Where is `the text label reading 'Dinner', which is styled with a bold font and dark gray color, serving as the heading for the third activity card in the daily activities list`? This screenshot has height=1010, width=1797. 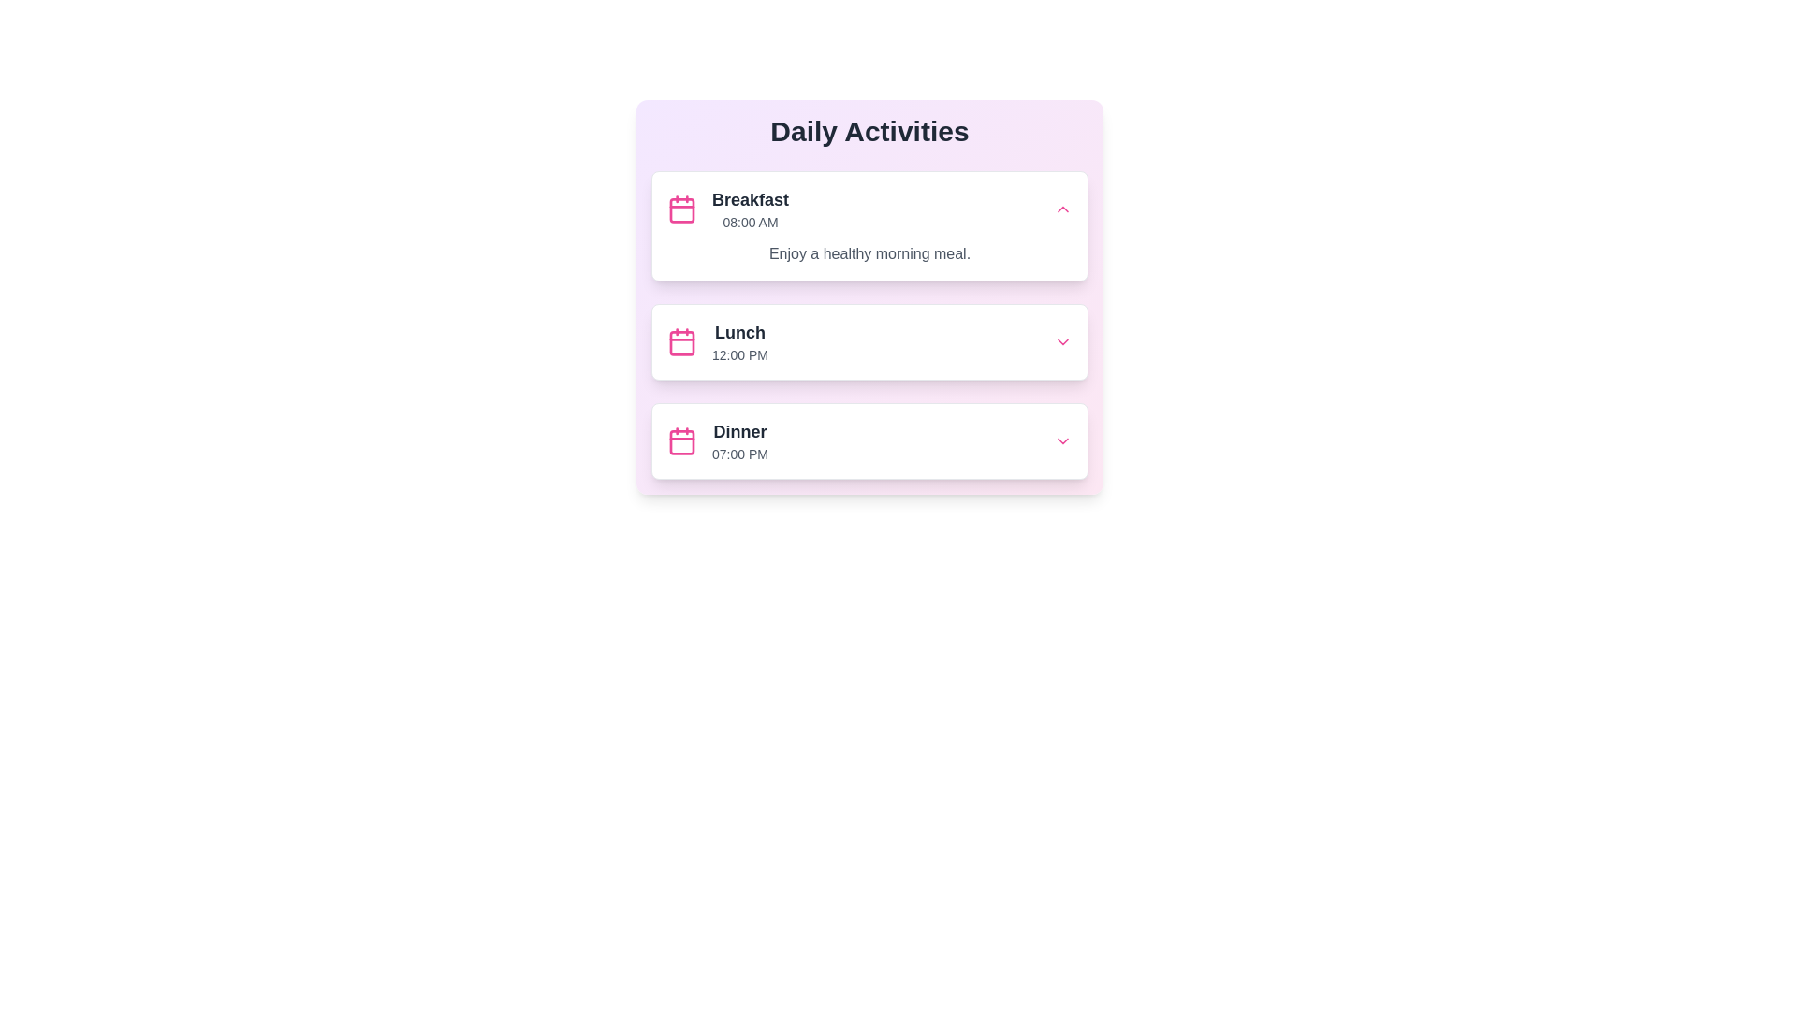
the text label reading 'Dinner', which is styled with a bold font and dark gray color, serving as the heading for the third activity card in the daily activities list is located at coordinates (739, 432).